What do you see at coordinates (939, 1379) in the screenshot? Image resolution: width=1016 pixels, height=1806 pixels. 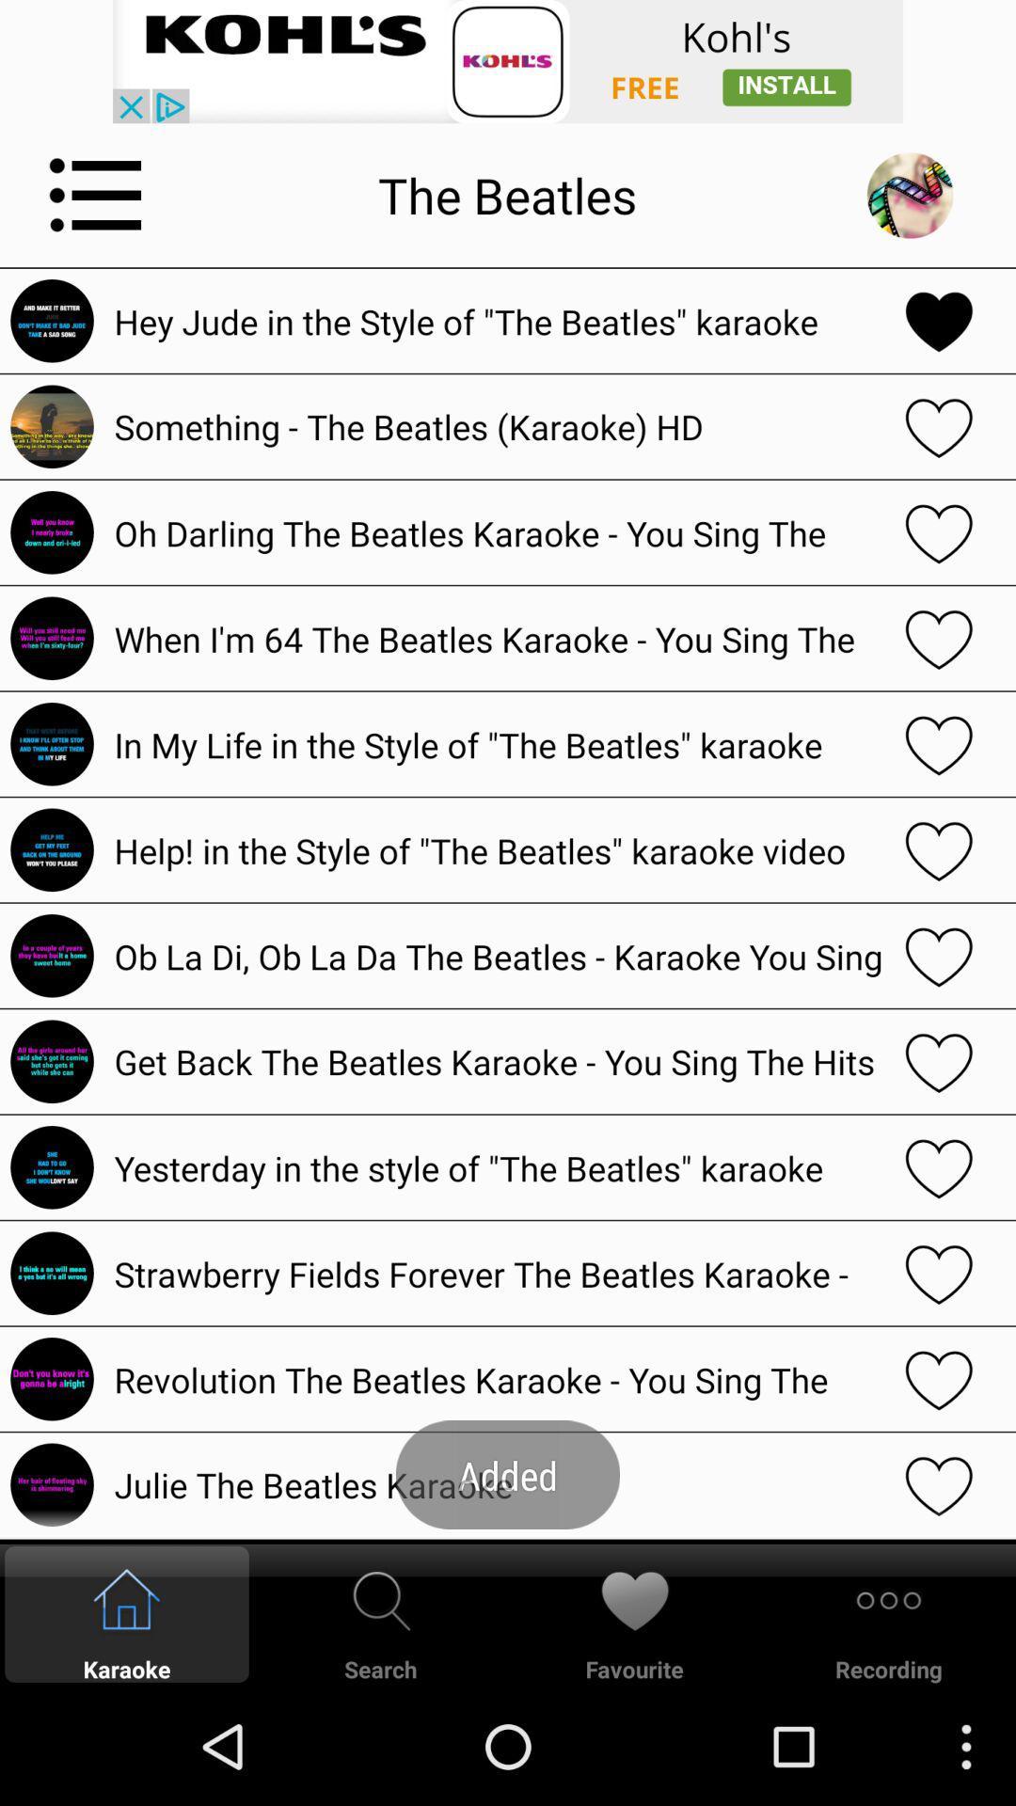 I see `to favorites` at bounding box center [939, 1379].